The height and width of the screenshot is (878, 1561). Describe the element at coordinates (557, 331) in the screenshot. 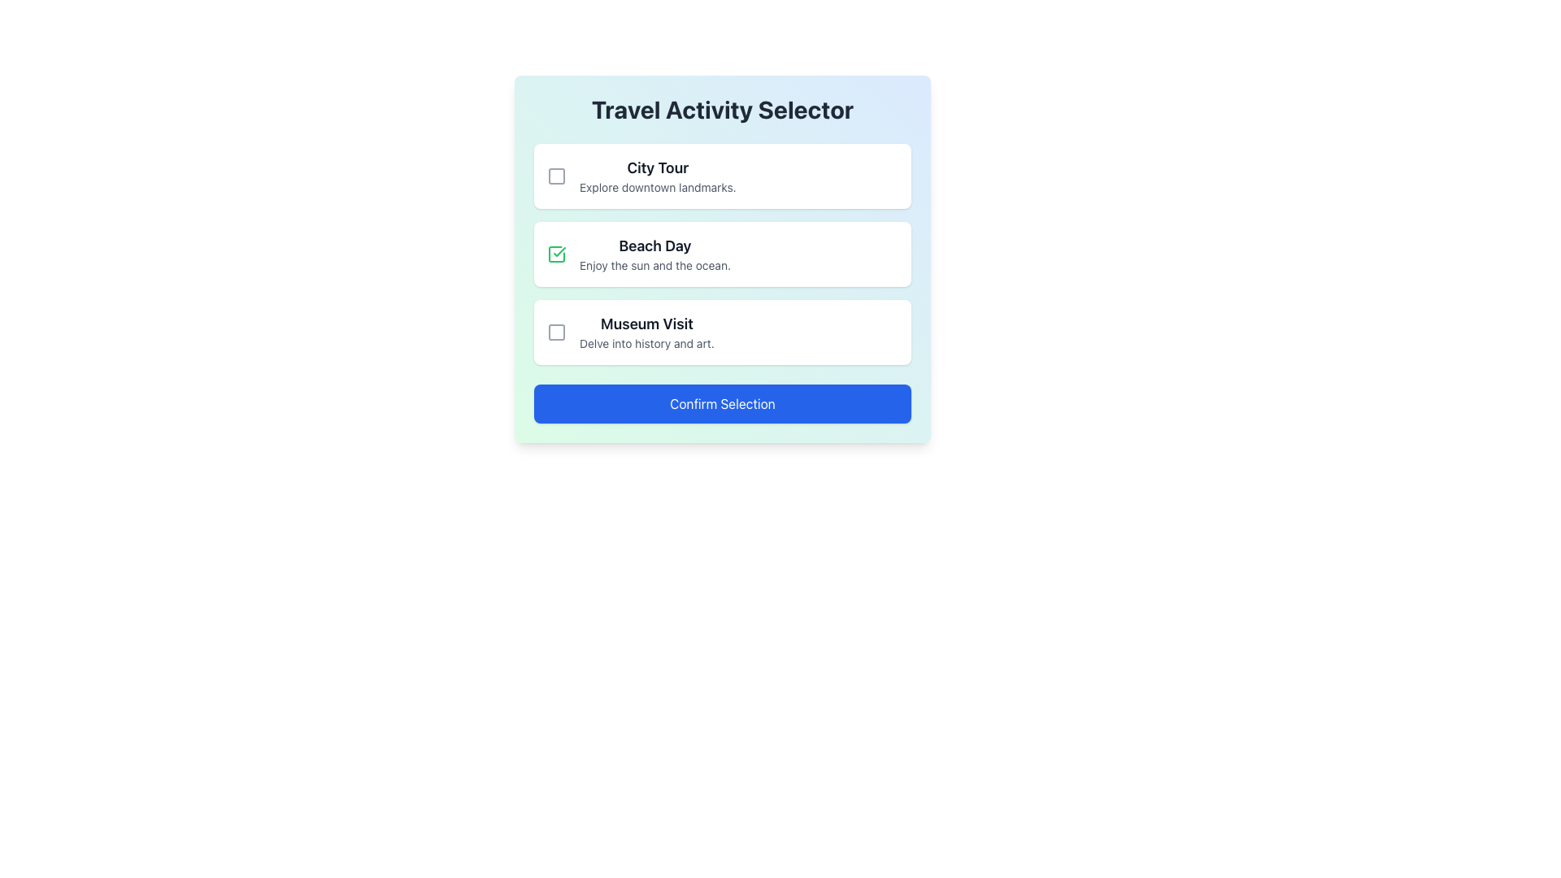

I see `the decorative icon located to the left of the 'Museum Visit' option in the Travel Activity Selector interface` at that location.